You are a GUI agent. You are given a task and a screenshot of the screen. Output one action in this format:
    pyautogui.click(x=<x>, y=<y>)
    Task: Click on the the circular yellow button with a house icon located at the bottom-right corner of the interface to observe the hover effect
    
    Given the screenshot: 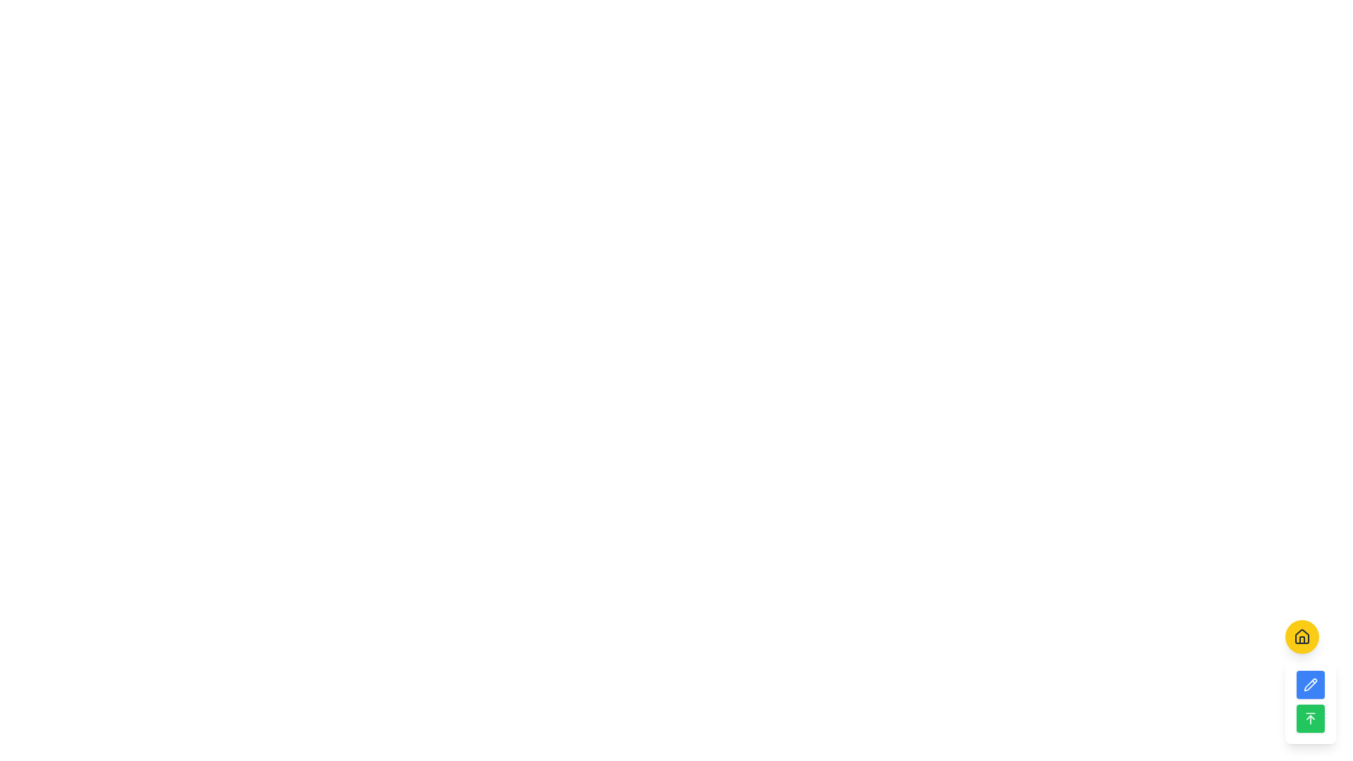 What is the action you would take?
    pyautogui.click(x=1302, y=636)
    